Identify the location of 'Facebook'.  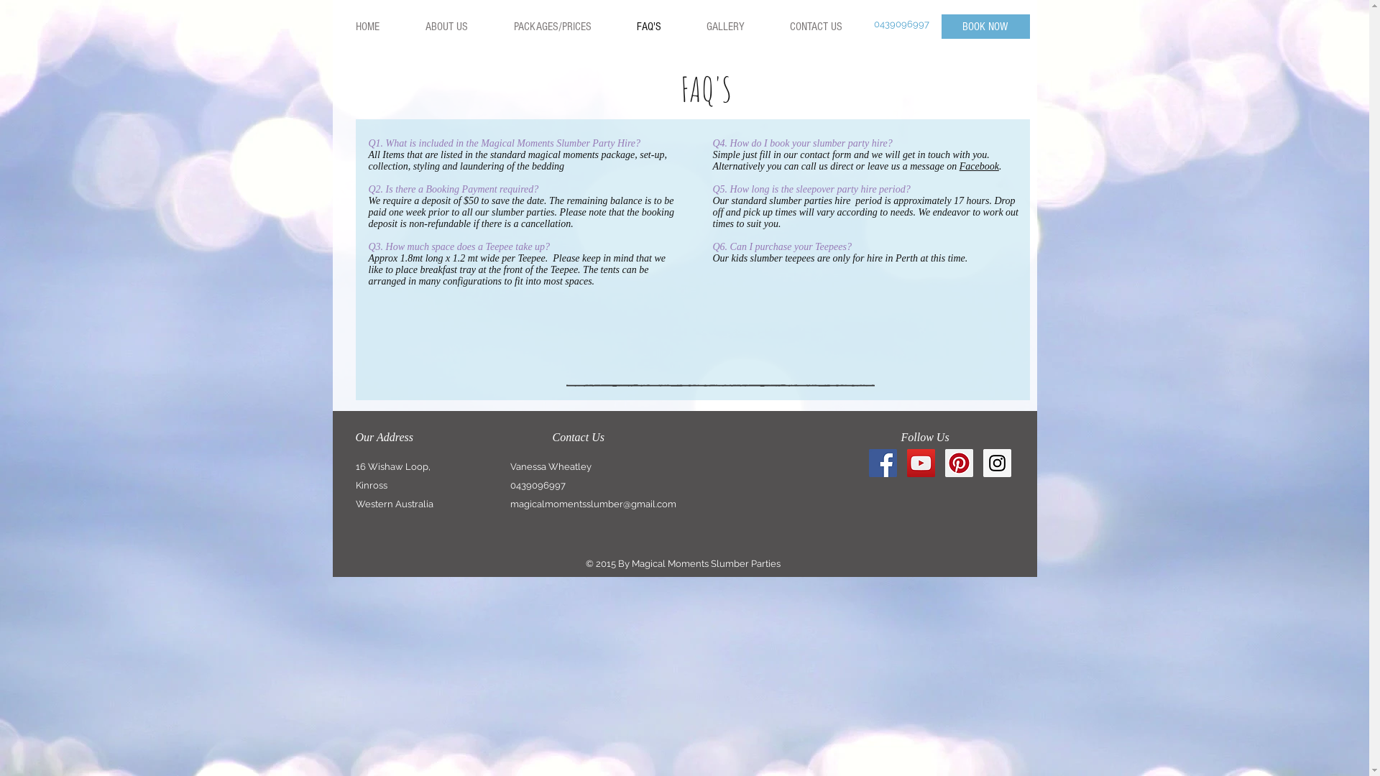
(978, 165).